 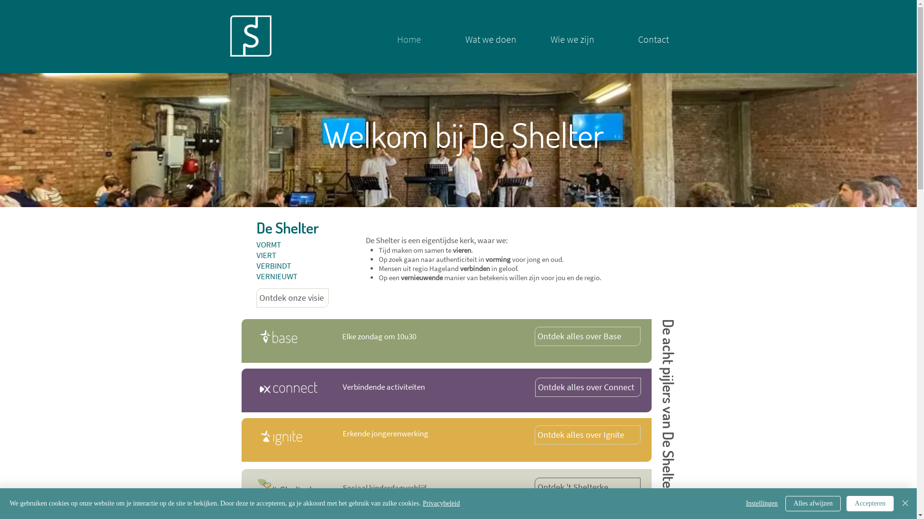 I want to click on 'Ontdek onze visie', so click(x=291, y=297).